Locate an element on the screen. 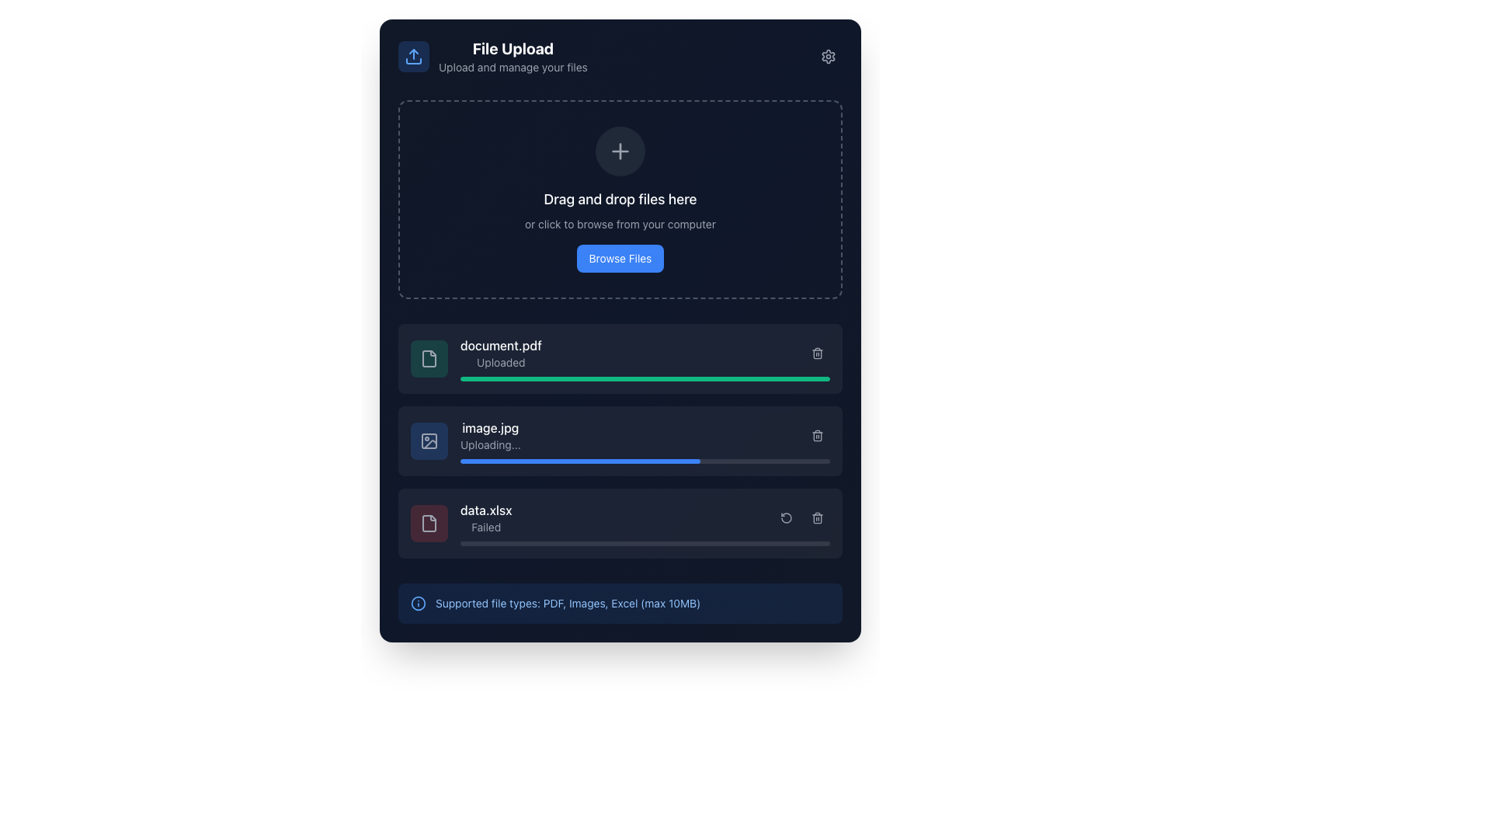  the upload icon, which is a circular button located in the central section of the interface, surrounded by a dashed box area for file uploads is located at coordinates (619, 151).